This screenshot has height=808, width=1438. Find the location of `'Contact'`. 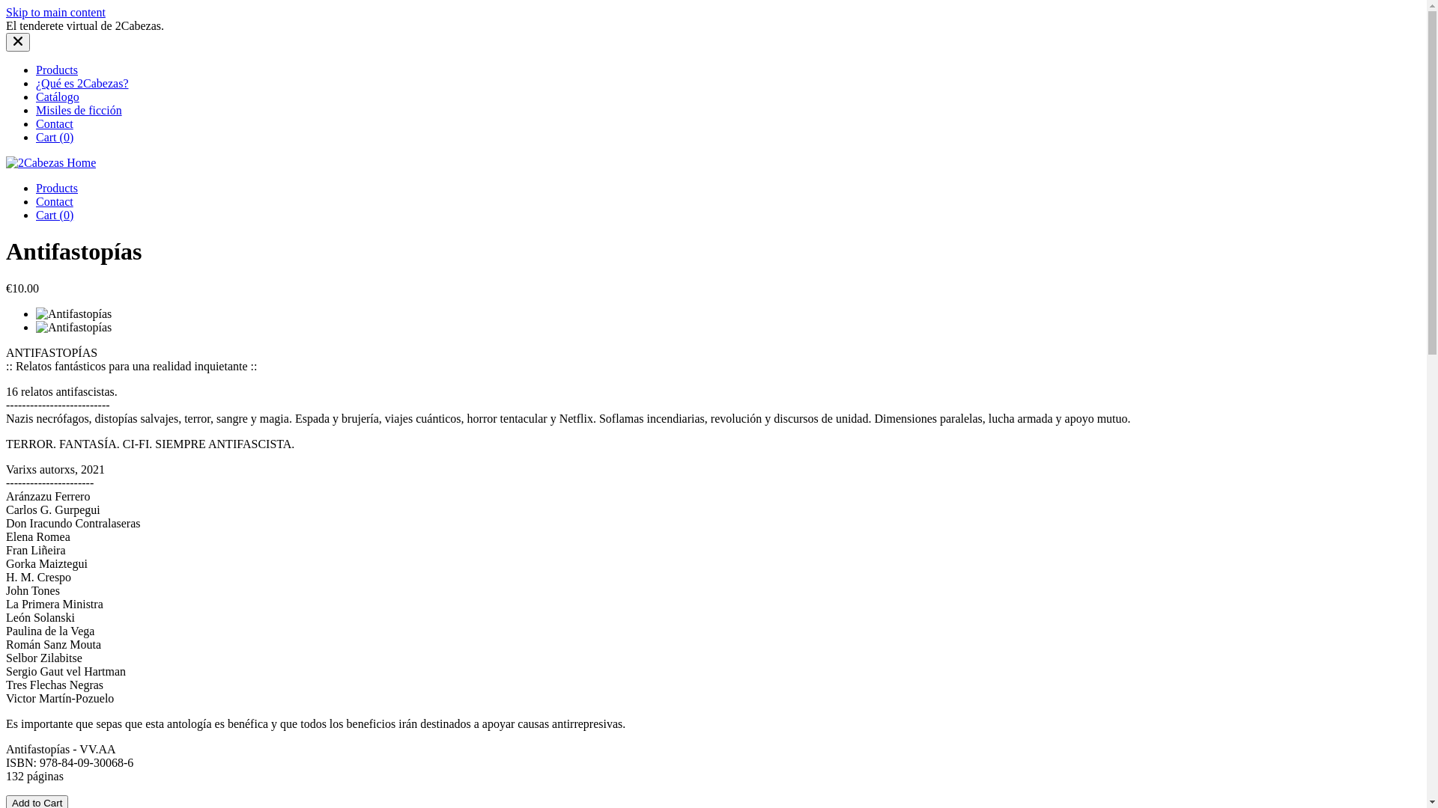

'Contact' is located at coordinates (54, 201).